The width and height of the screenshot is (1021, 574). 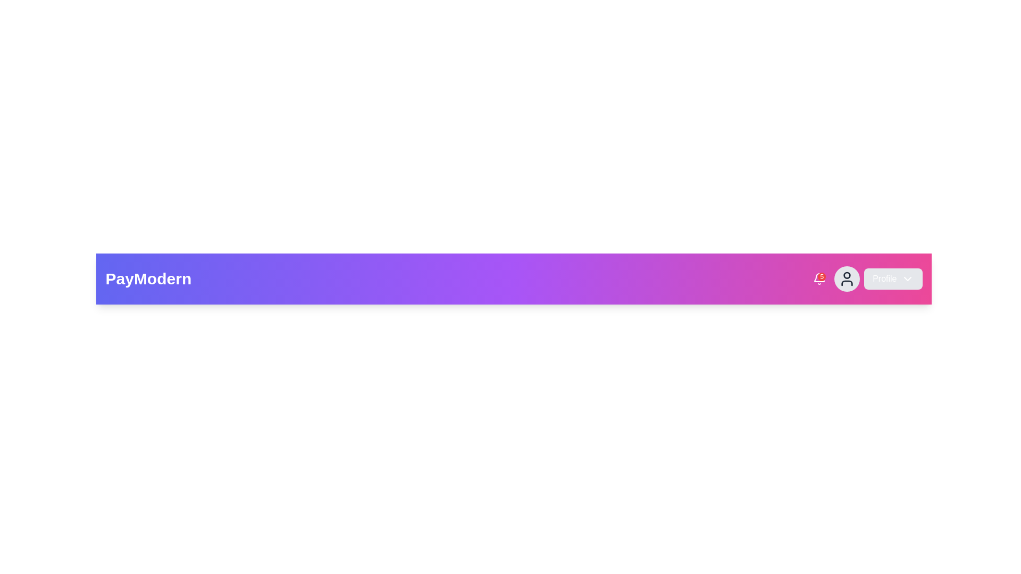 What do you see at coordinates (847, 278) in the screenshot?
I see `the circular user profile icon with a light gray background, located to the left of the 'Profile' button in the navigation bar` at bounding box center [847, 278].